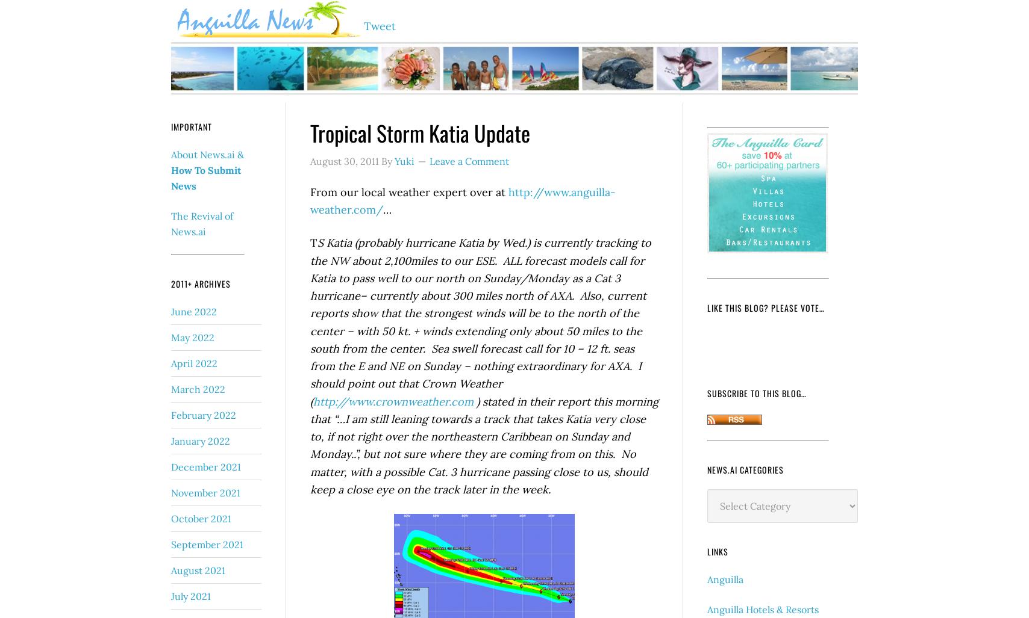 The image size is (1029, 618). What do you see at coordinates (171, 336) in the screenshot?
I see `'May 2022'` at bounding box center [171, 336].